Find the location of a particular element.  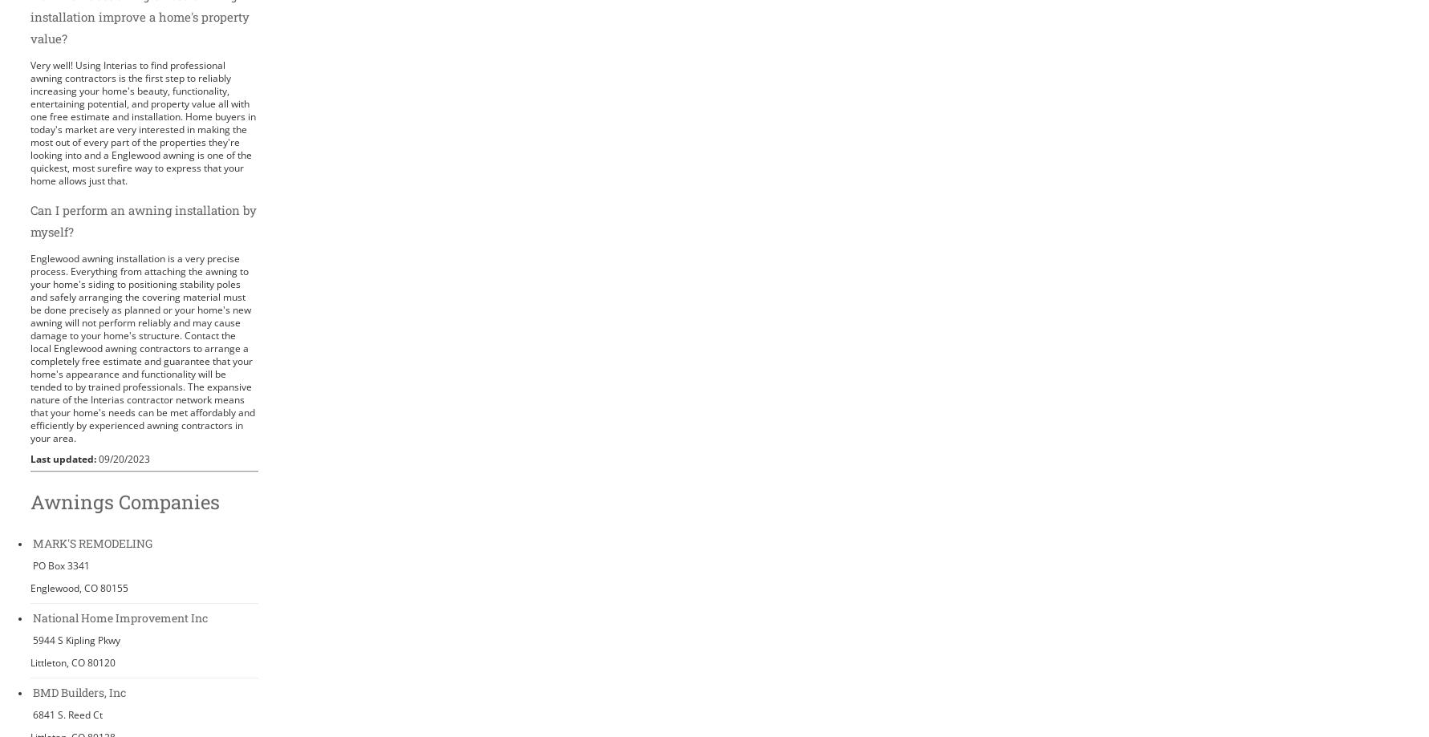

'MARK'S REMODELING' is located at coordinates (32, 541).